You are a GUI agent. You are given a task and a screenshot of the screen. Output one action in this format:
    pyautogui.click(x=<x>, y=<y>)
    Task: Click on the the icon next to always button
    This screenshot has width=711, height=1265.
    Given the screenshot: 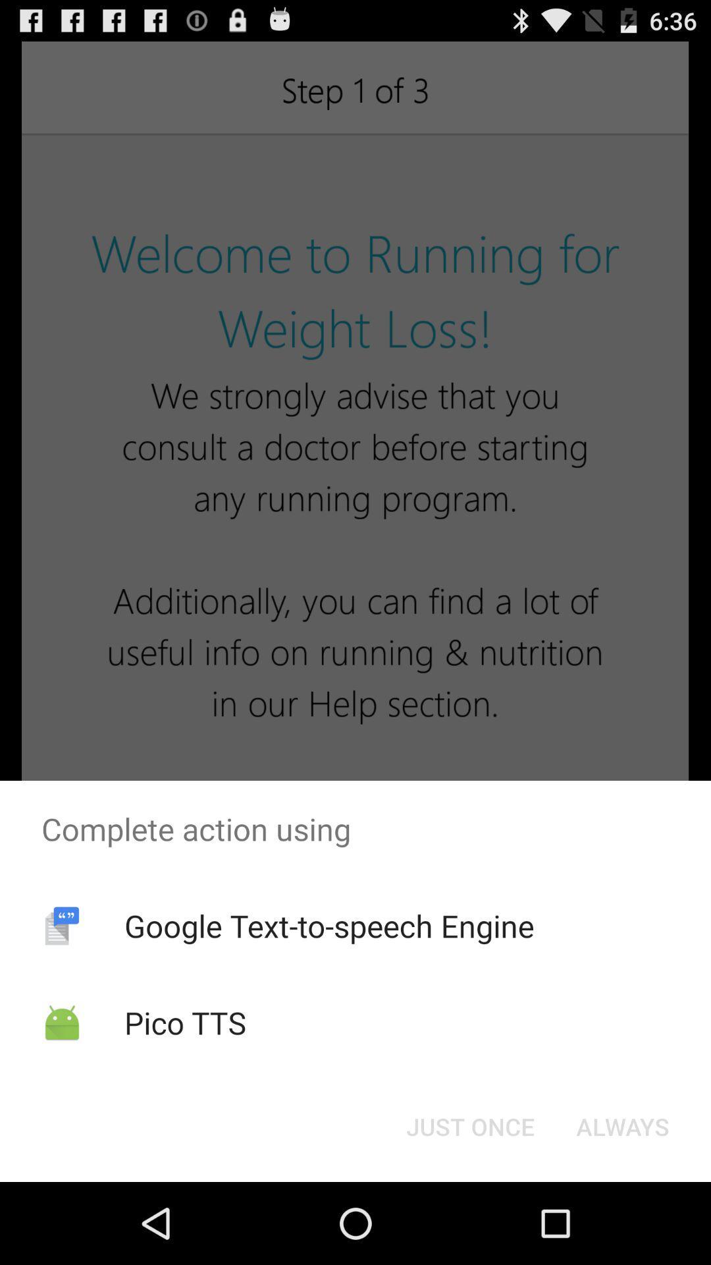 What is the action you would take?
    pyautogui.click(x=469, y=1125)
    